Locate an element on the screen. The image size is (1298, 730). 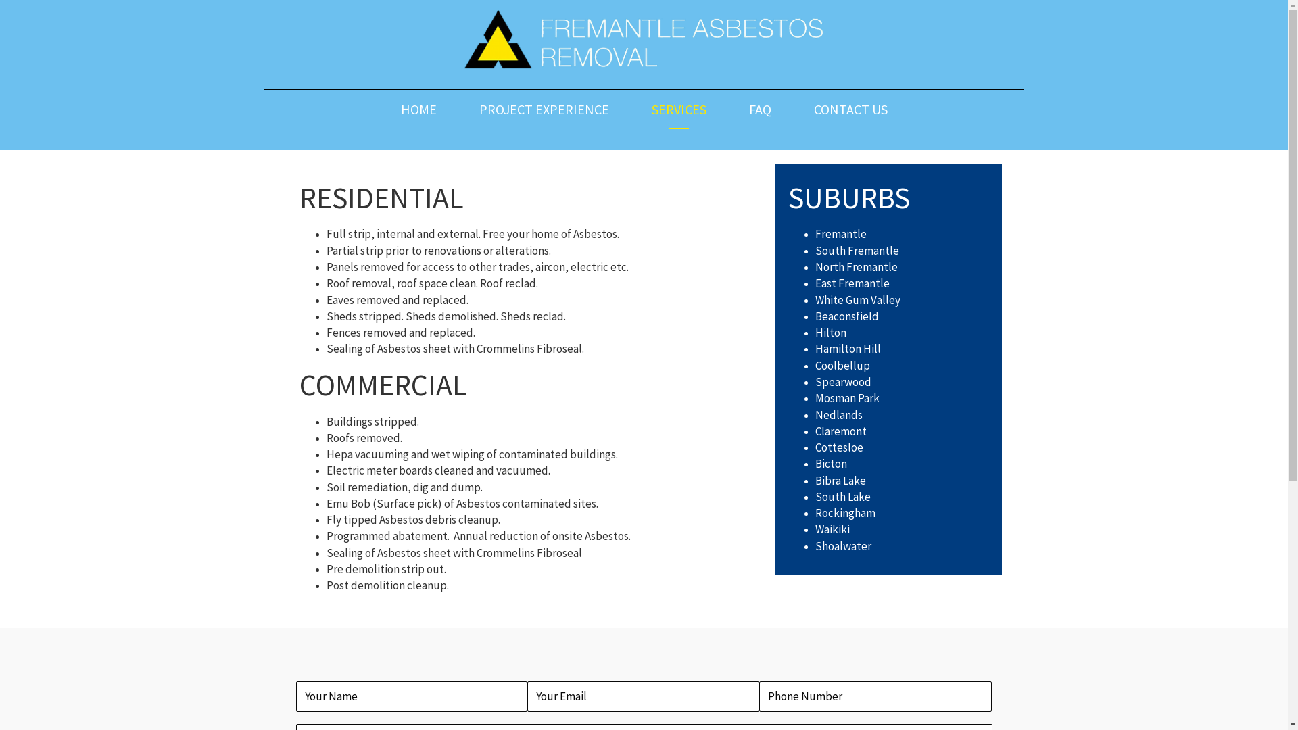
'SERVICES' is located at coordinates (644, 108).